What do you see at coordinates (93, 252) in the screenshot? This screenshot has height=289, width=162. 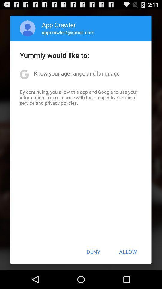 I see `deny icon` at bounding box center [93, 252].